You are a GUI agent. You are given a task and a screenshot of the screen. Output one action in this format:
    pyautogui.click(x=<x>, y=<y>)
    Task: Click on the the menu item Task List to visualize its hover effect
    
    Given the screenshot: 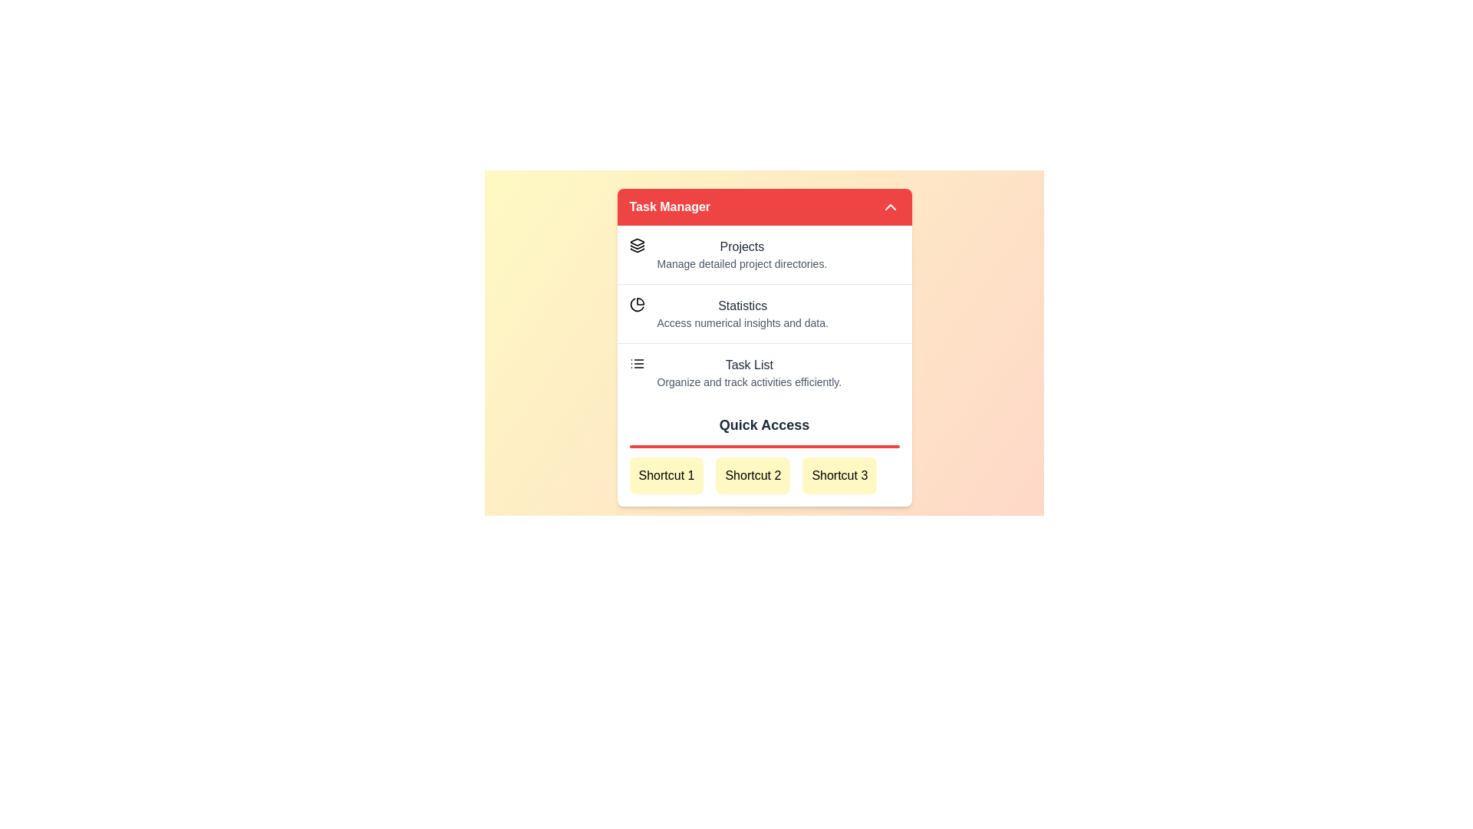 What is the action you would take?
    pyautogui.click(x=764, y=372)
    